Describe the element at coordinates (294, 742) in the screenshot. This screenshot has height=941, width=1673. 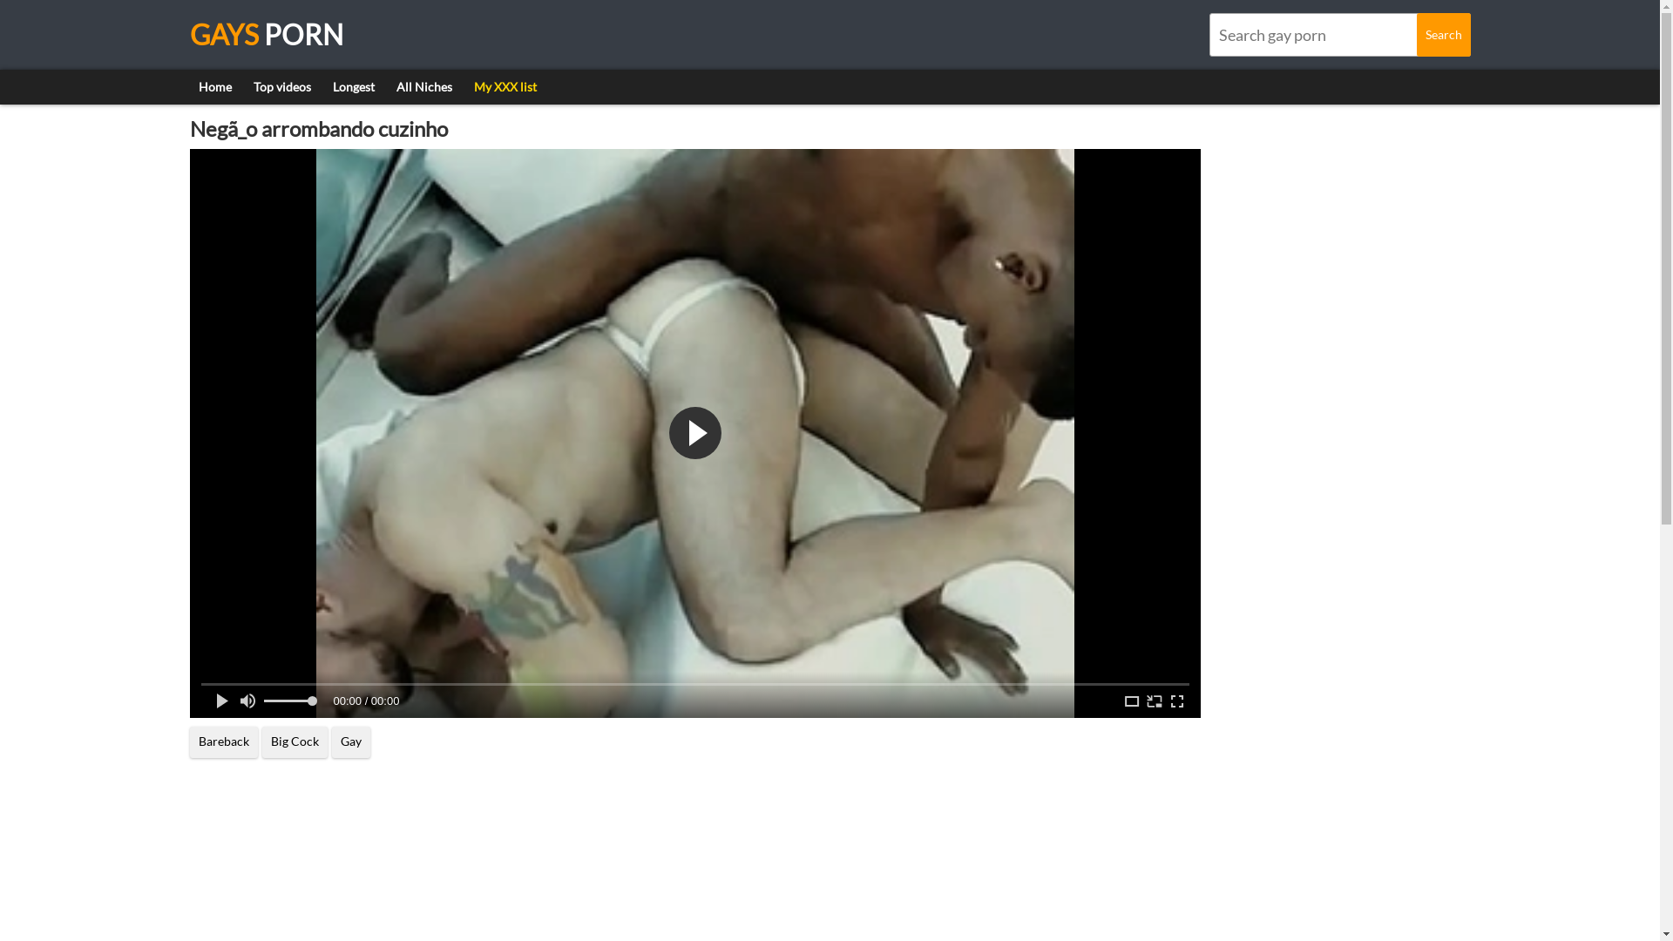
I see `'Big Cock'` at that location.